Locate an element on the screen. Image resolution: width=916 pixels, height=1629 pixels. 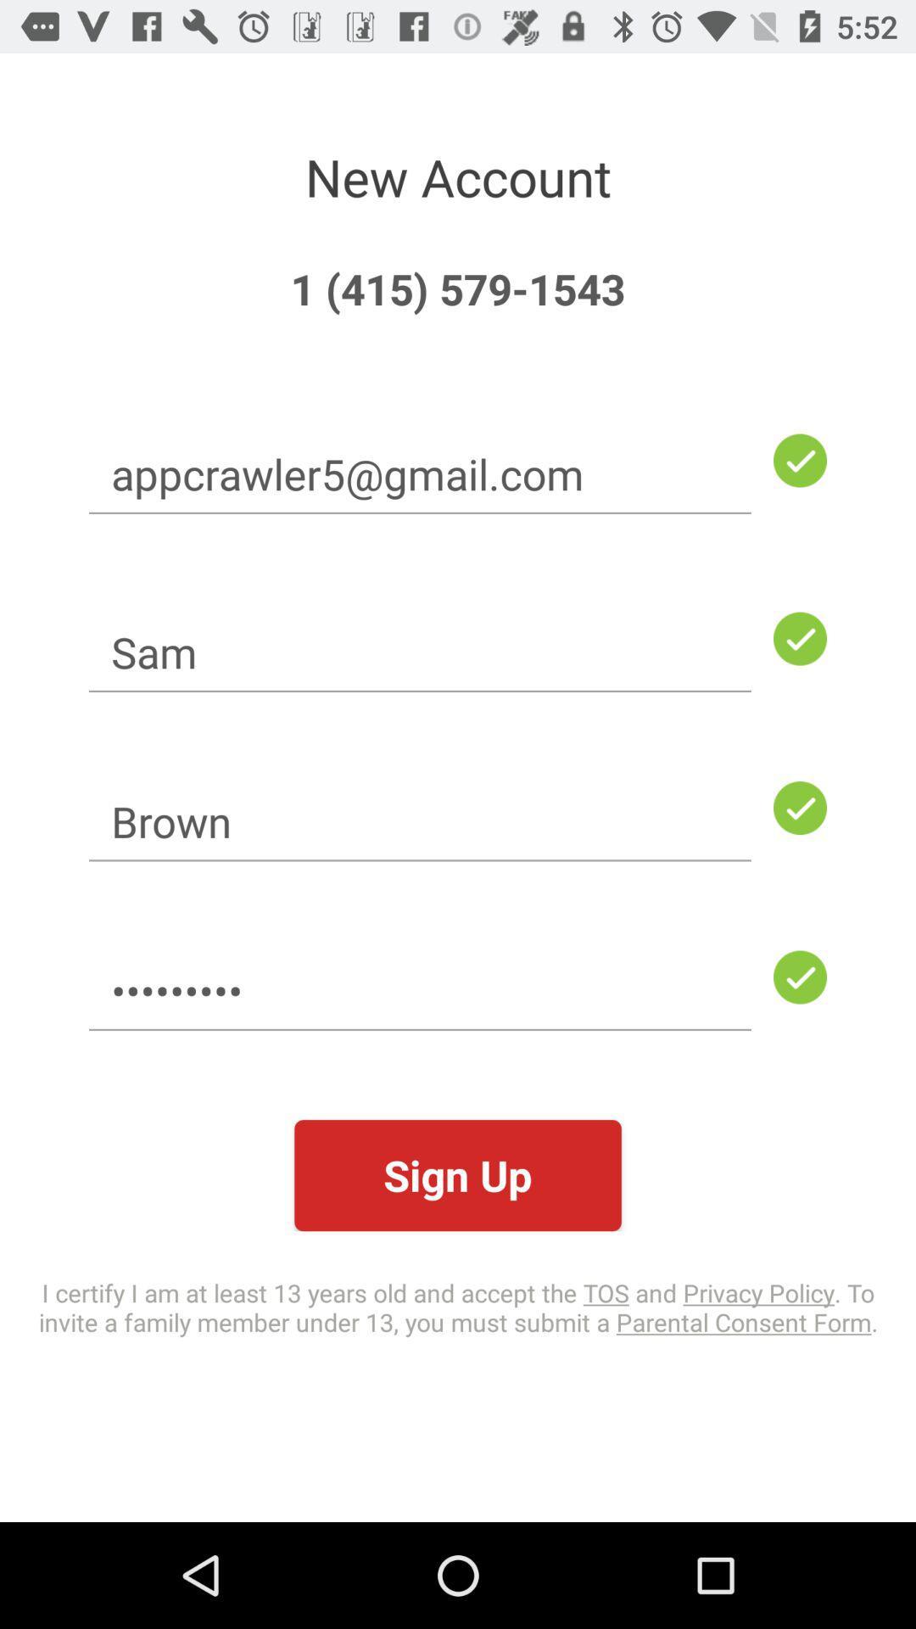
the icon below the crowd3116 is located at coordinates (458, 1174).